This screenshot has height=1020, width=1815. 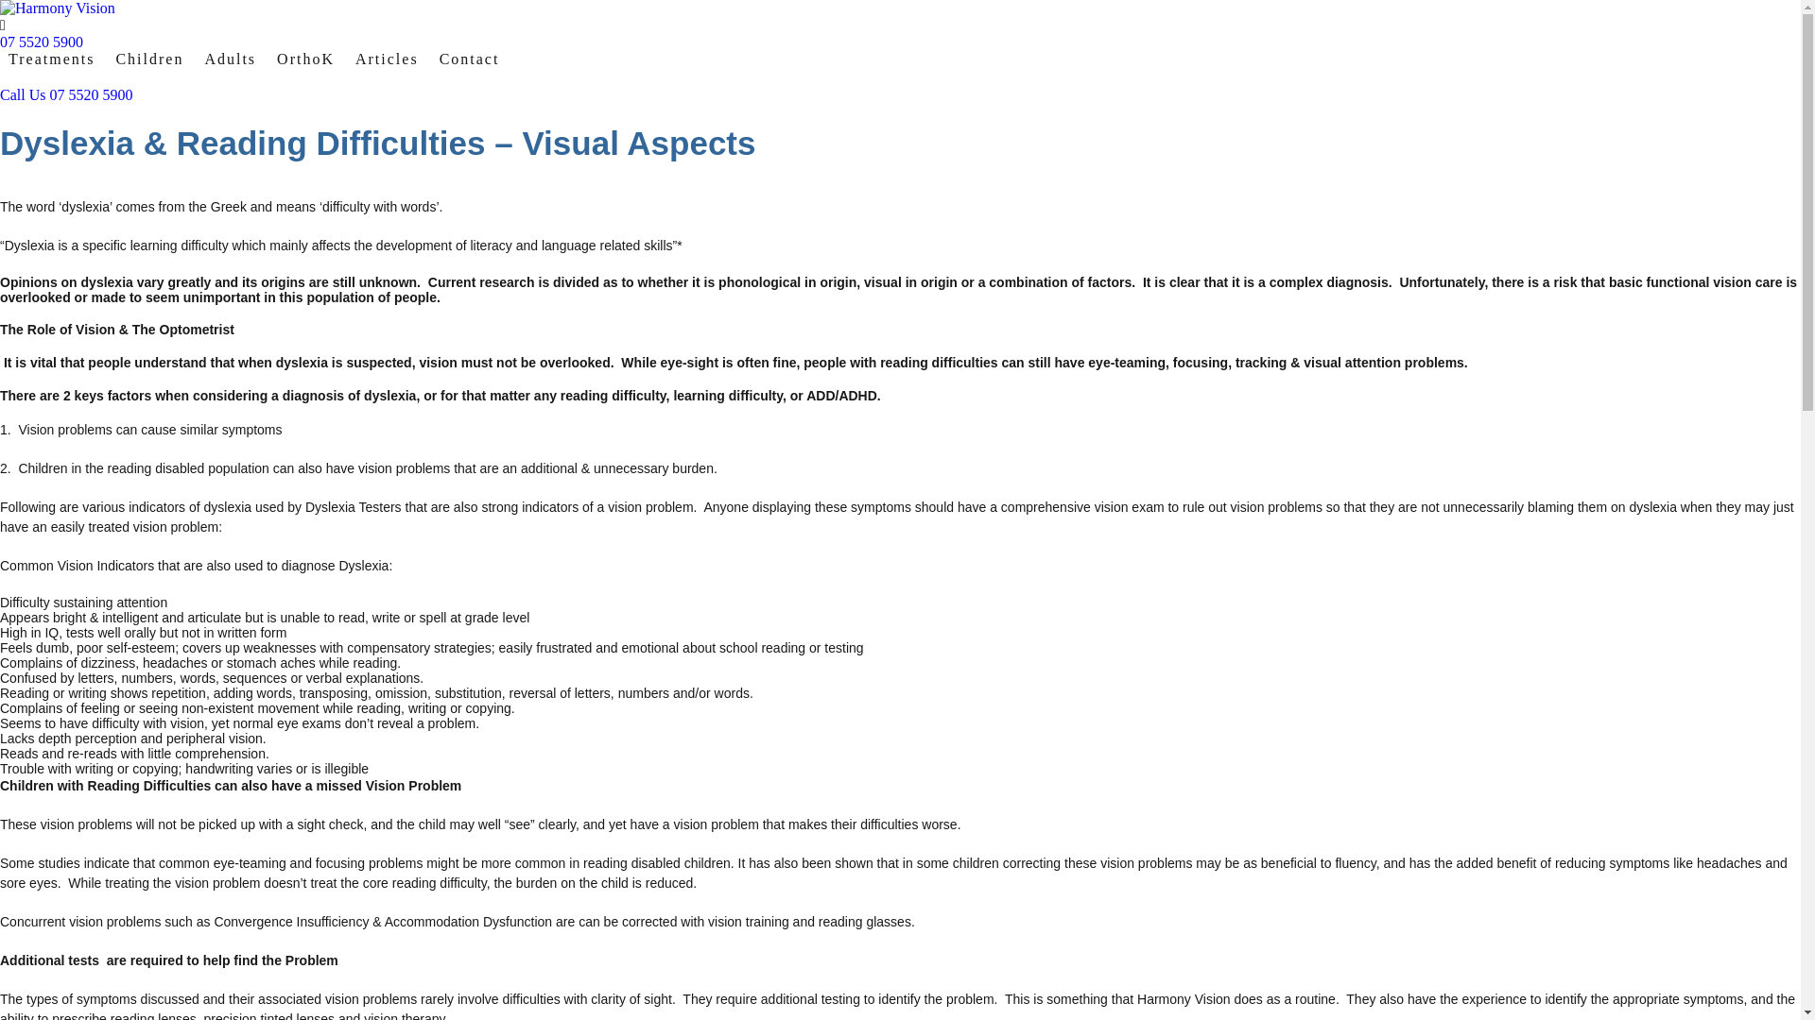 I want to click on 'Adults', so click(x=229, y=58).